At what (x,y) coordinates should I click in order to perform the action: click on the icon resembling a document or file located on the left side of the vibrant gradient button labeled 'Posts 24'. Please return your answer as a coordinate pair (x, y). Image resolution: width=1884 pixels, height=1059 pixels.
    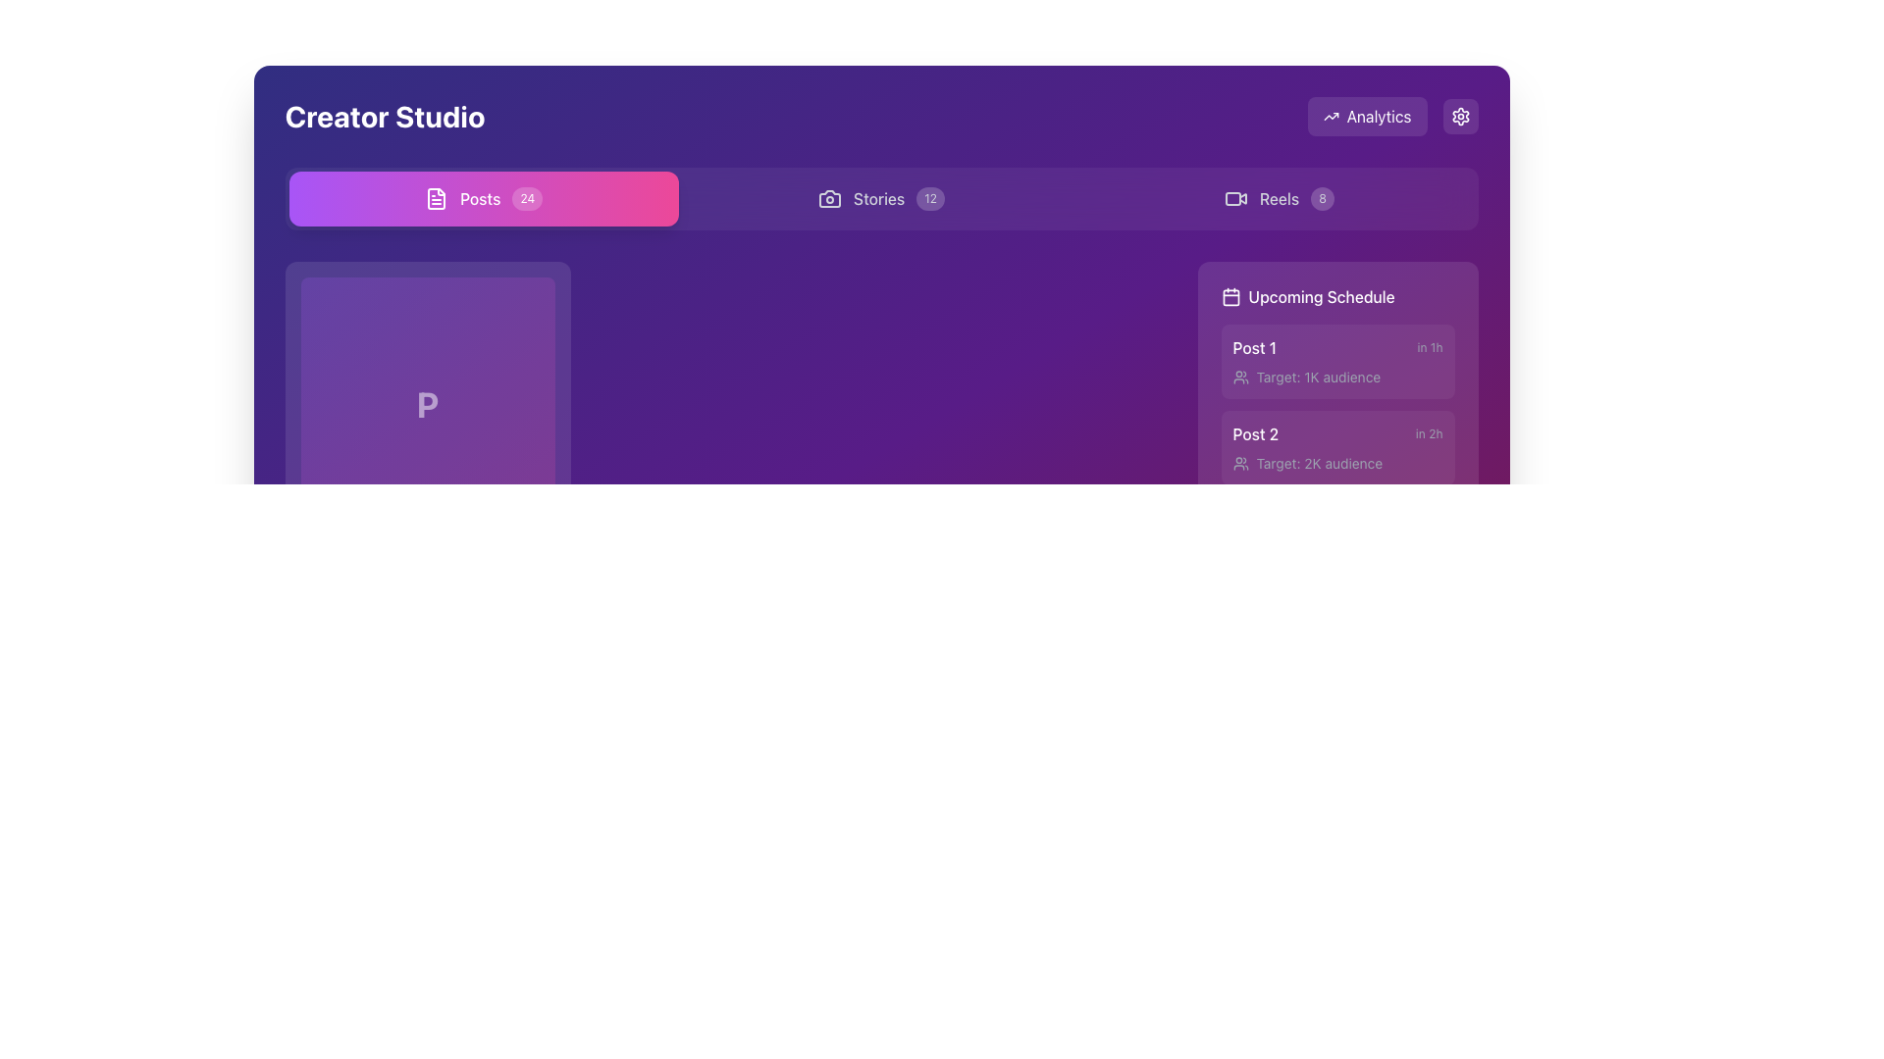
    Looking at the image, I should click on (436, 199).